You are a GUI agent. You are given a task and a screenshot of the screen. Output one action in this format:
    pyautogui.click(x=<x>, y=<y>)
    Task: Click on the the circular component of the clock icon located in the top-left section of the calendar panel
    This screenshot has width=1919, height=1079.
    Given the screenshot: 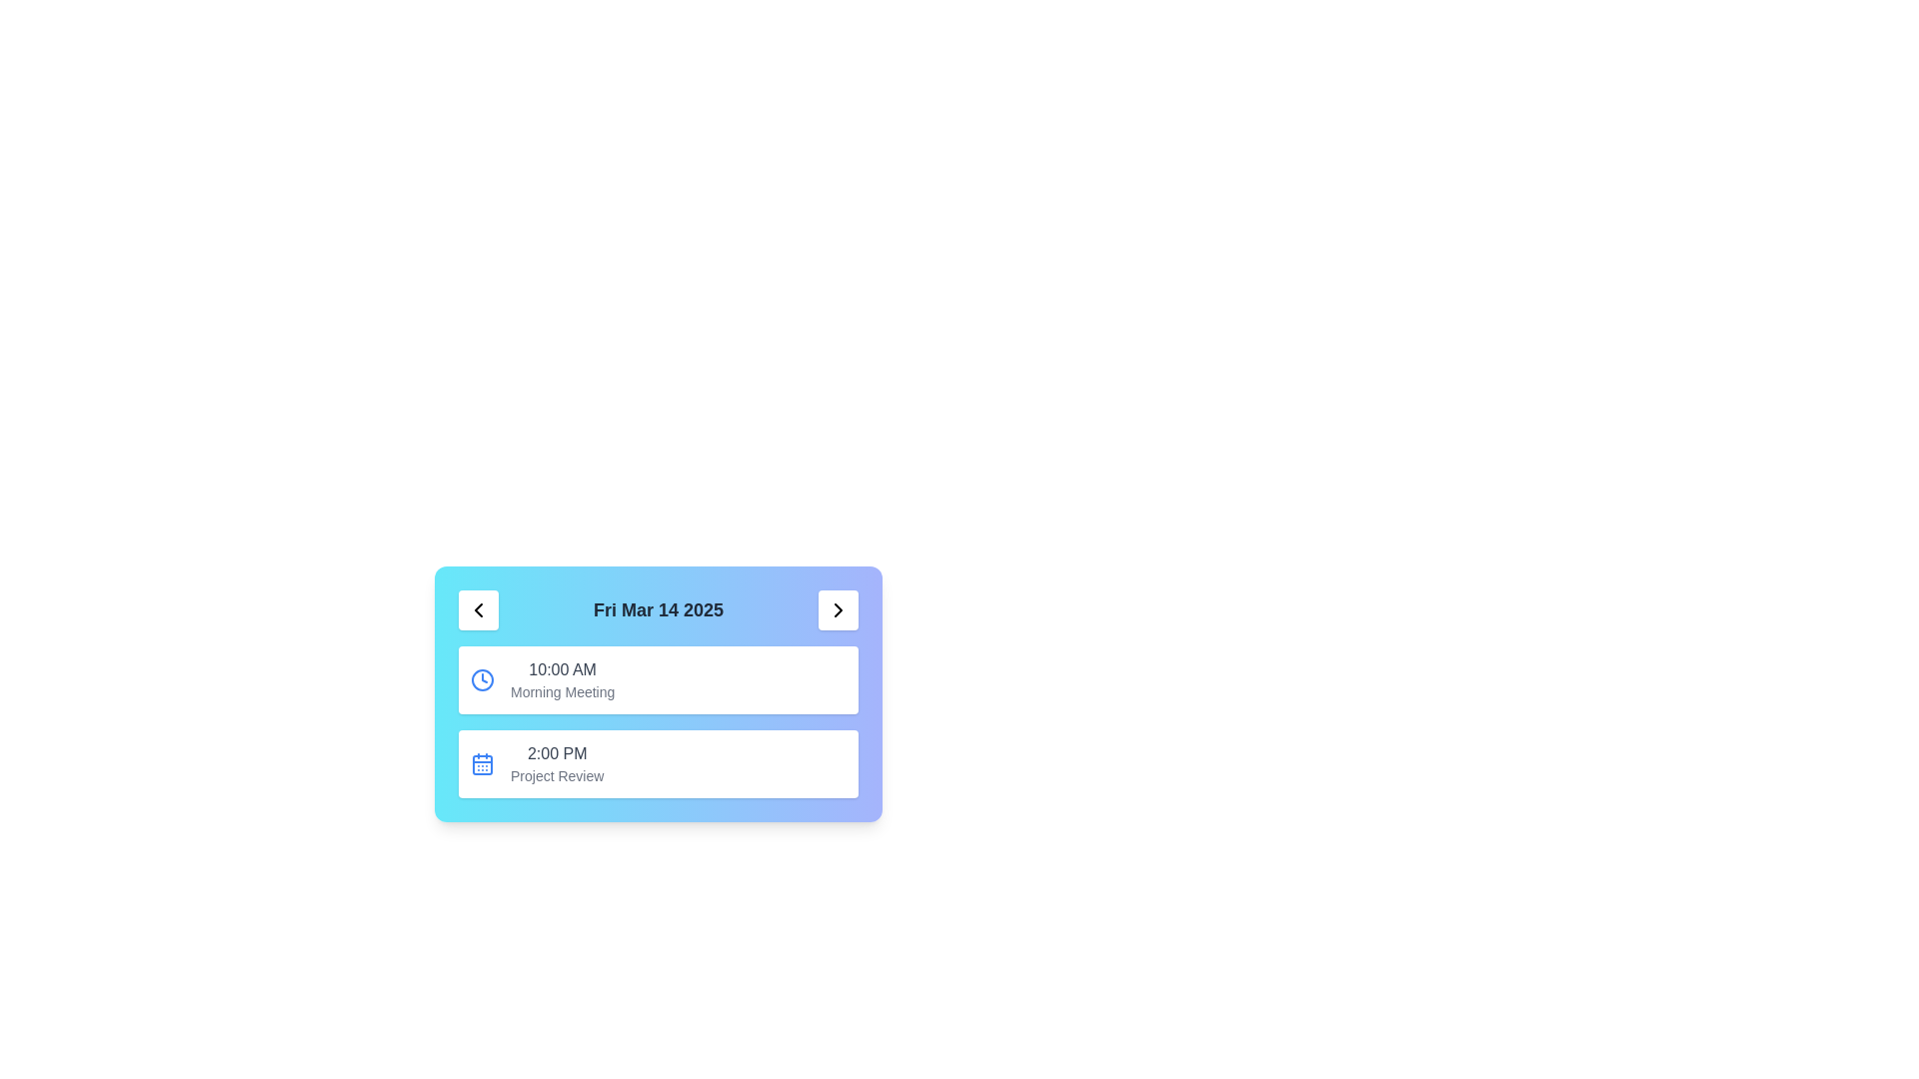 What is the action you would take?
    pyautogui.click(x=483, y=679)
    